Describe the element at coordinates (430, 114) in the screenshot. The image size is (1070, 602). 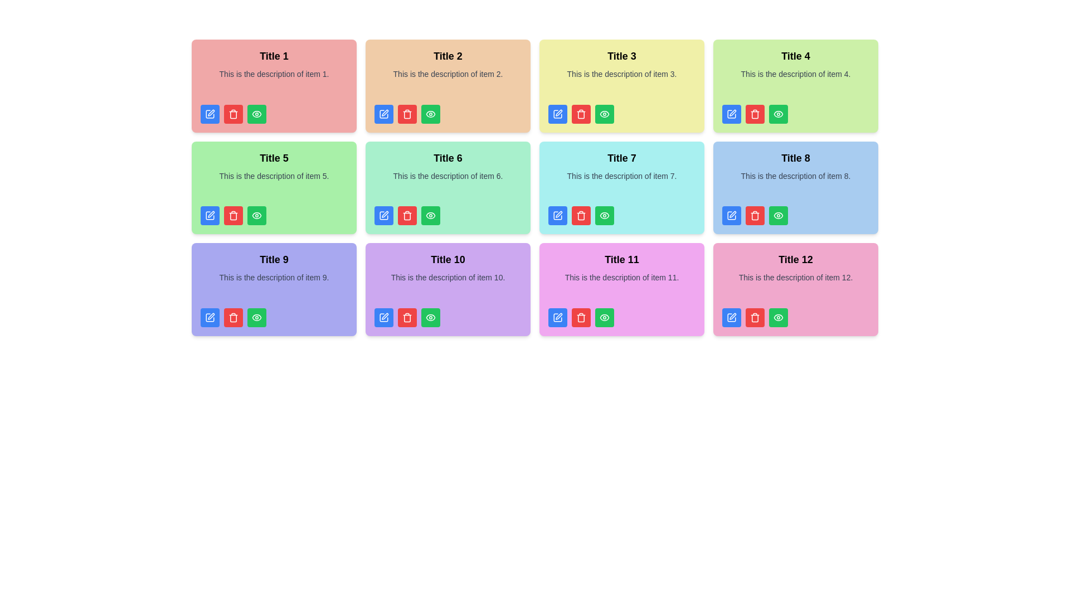
I see `the outer oval shape of the eye icon located within the light orange card labeled 'Title 2'` at that location.